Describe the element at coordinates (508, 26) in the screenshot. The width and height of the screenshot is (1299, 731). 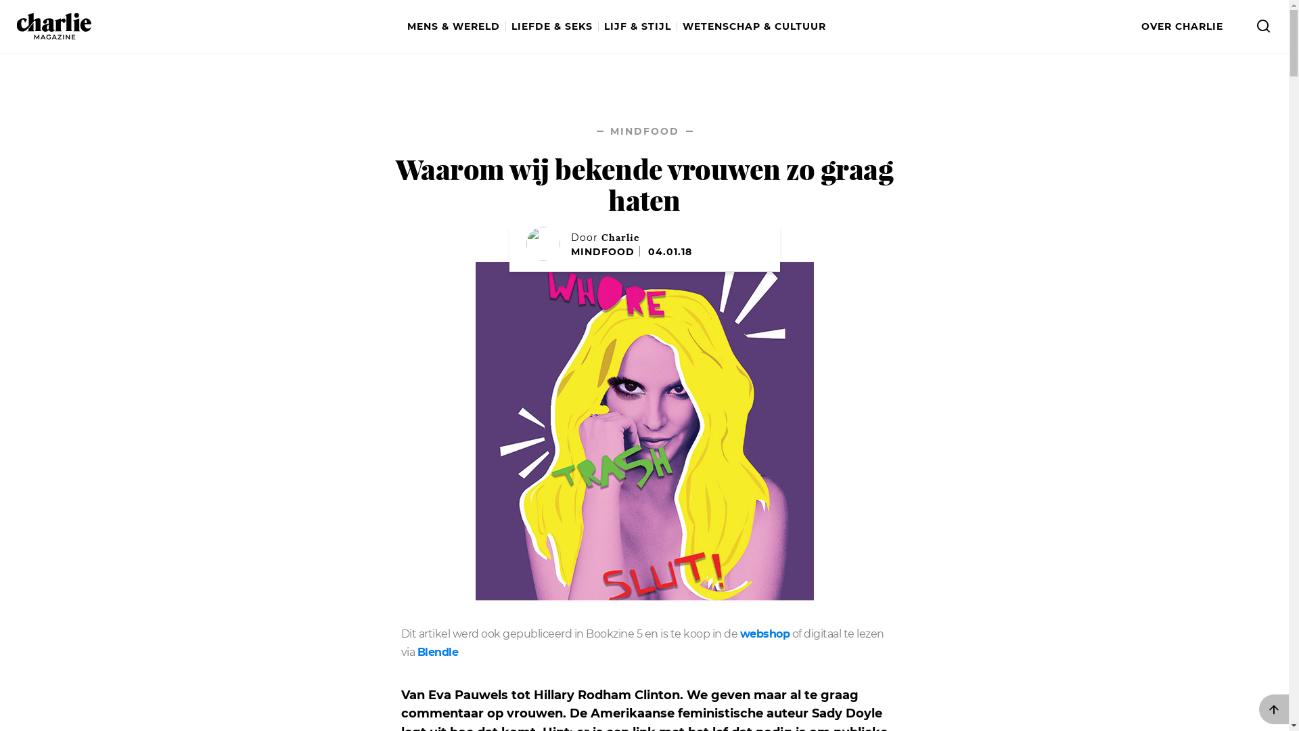
I see `'LIEFDE & SEKS'` at that location.